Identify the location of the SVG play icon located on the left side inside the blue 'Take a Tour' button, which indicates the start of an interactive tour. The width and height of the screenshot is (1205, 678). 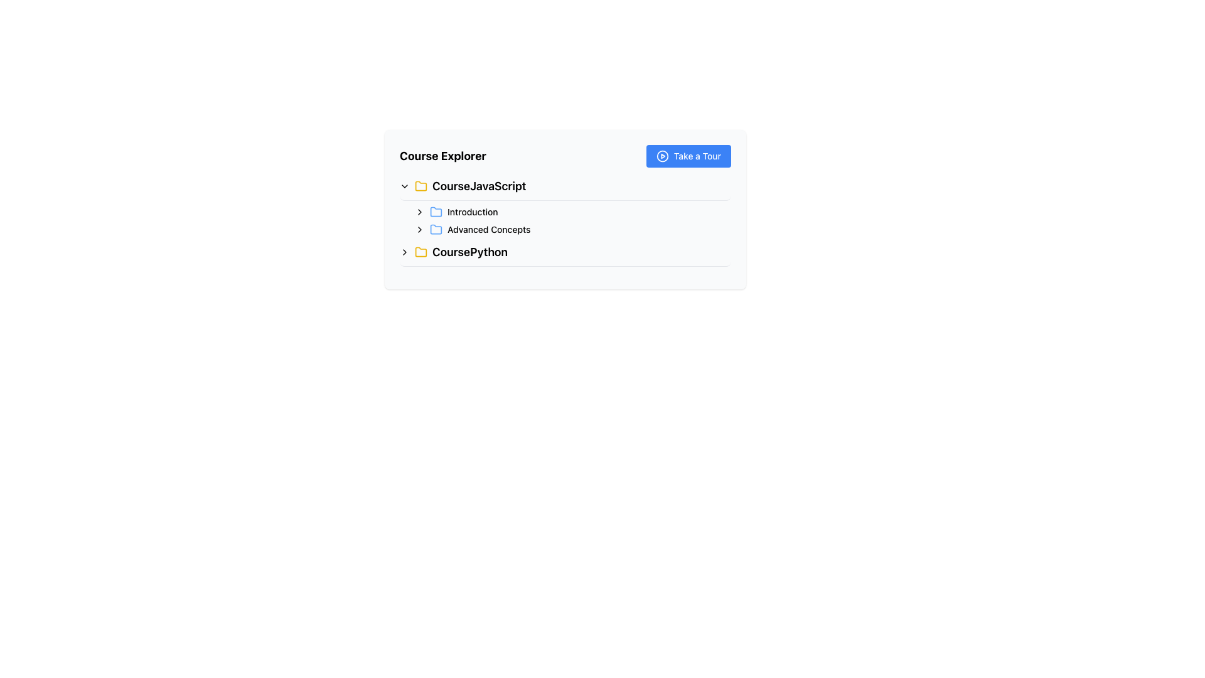
(662, 156).